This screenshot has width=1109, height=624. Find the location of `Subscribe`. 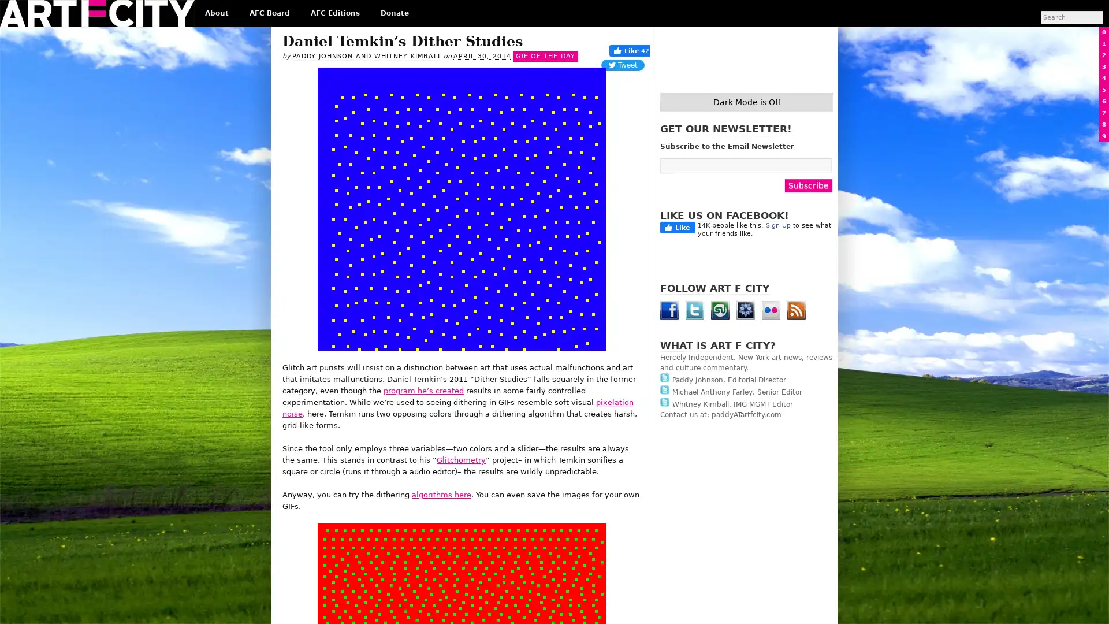

Subscribe is located at coordinates (808, 184).